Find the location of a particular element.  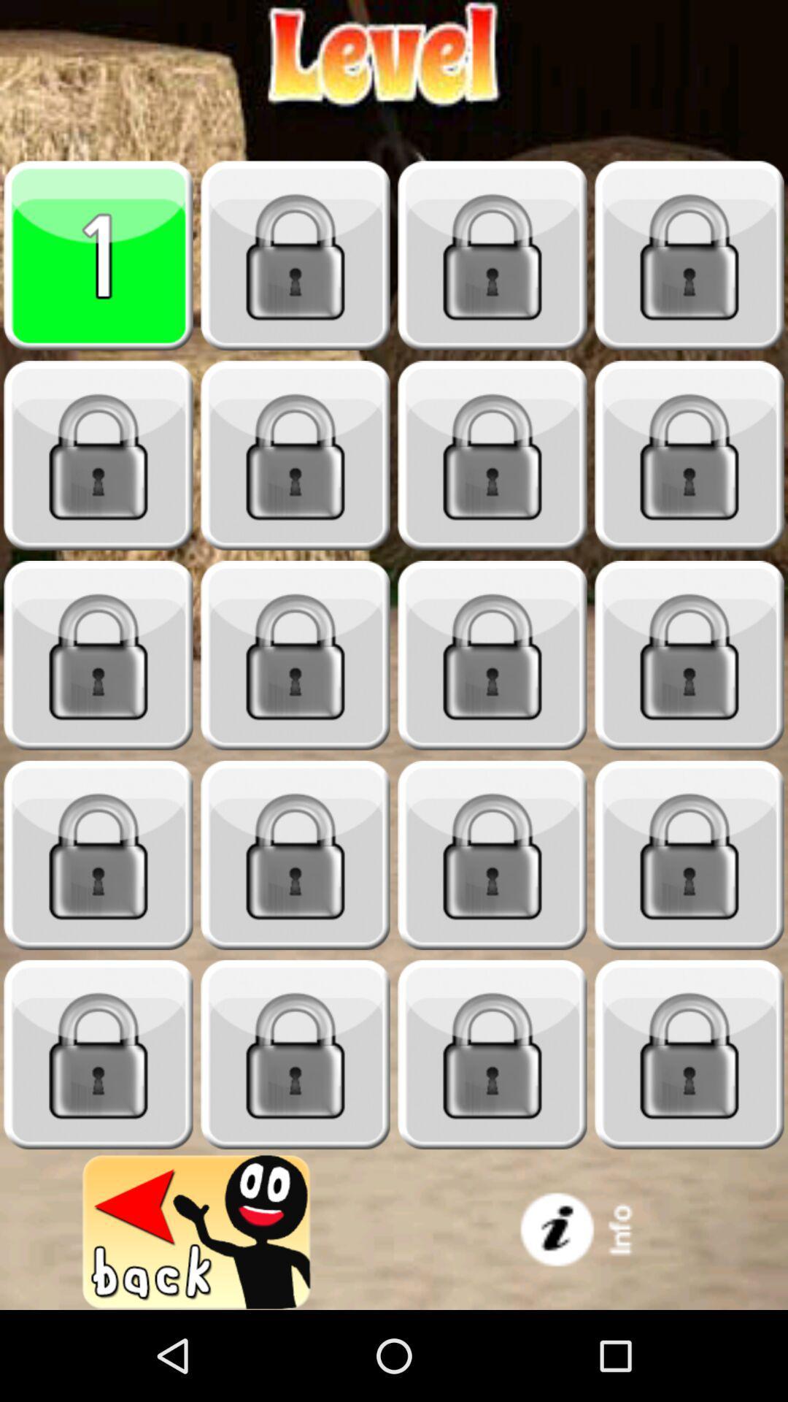

game of the next level is located at coordinates (295, 256).